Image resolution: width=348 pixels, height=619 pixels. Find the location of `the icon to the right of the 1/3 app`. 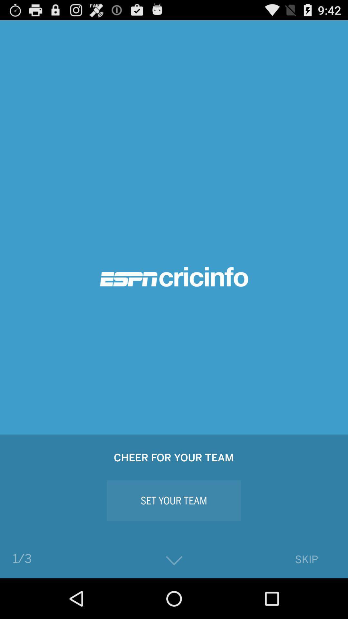

the icon to the right of the 1/3 app is located at coordinates (174, 560).